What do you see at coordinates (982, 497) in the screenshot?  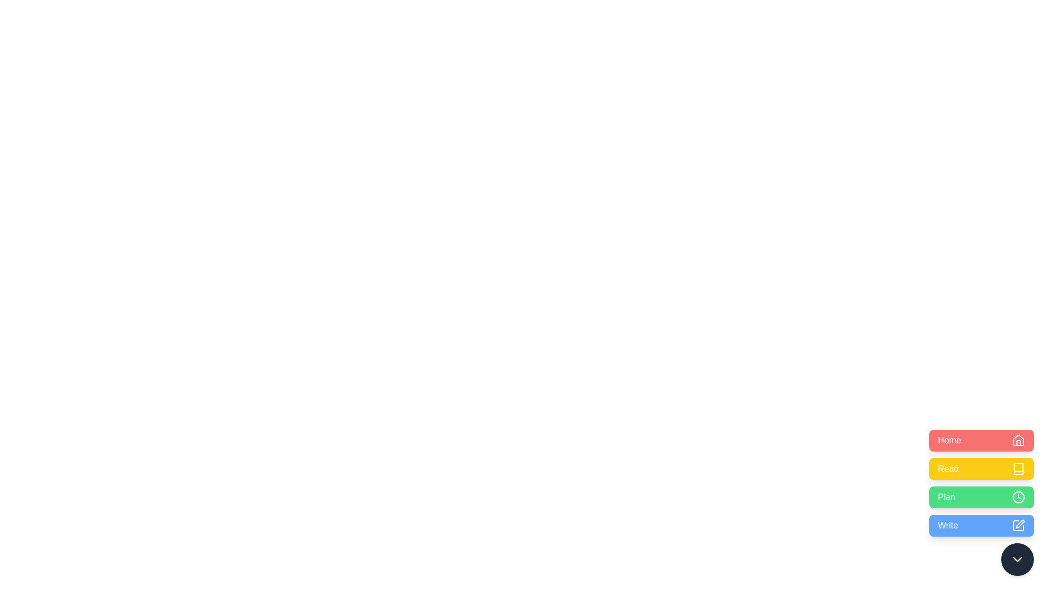 I see `the Plan button` at bounding box center [982, 497].